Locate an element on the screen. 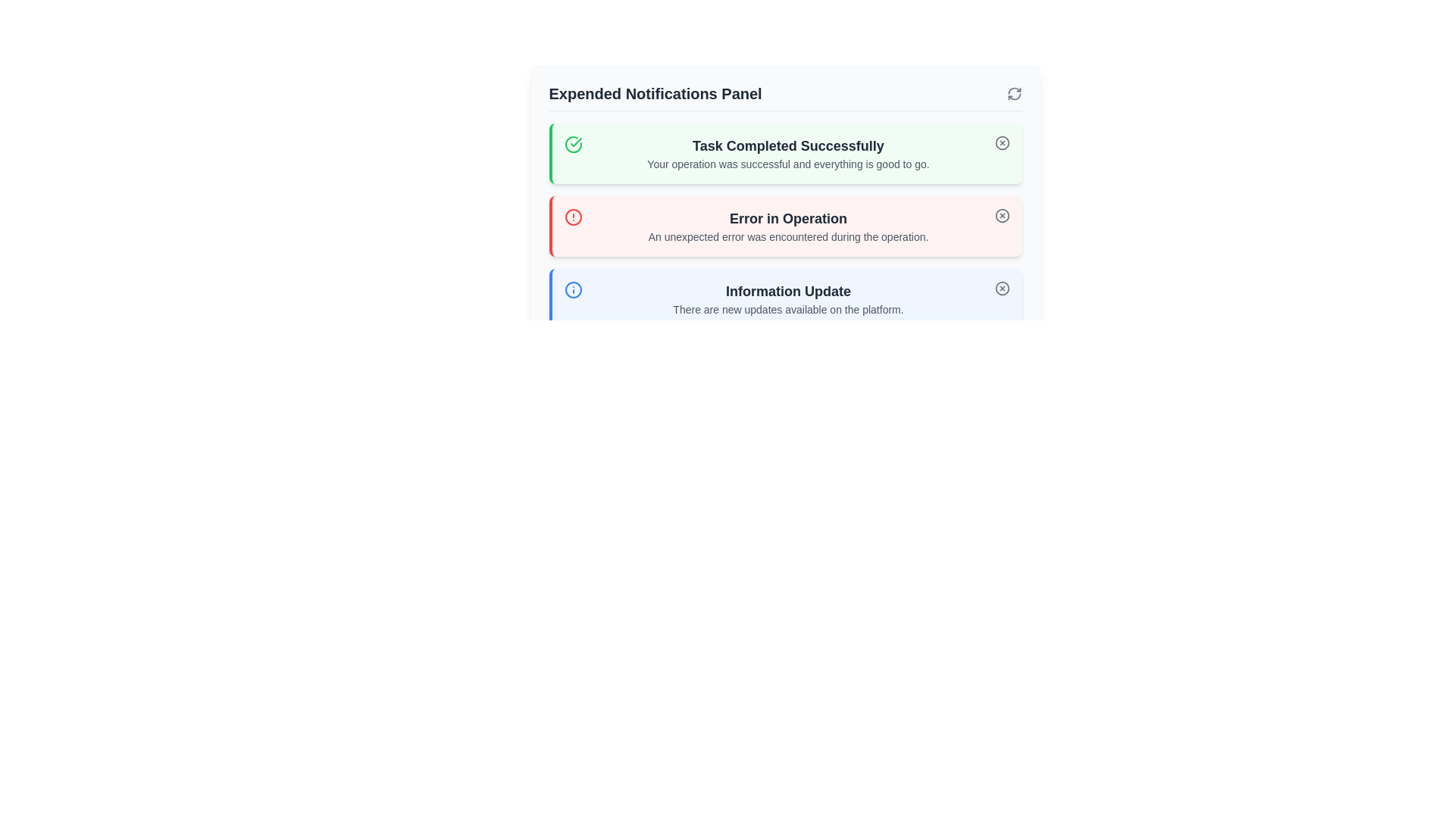 The height and width of the screenshot is (818, 1455). the text field that reads 'Your operation was successful and everything is good to go.' located below the title 'Task Completed Successfully' within a green notification card is located at coordinates (788, 164).